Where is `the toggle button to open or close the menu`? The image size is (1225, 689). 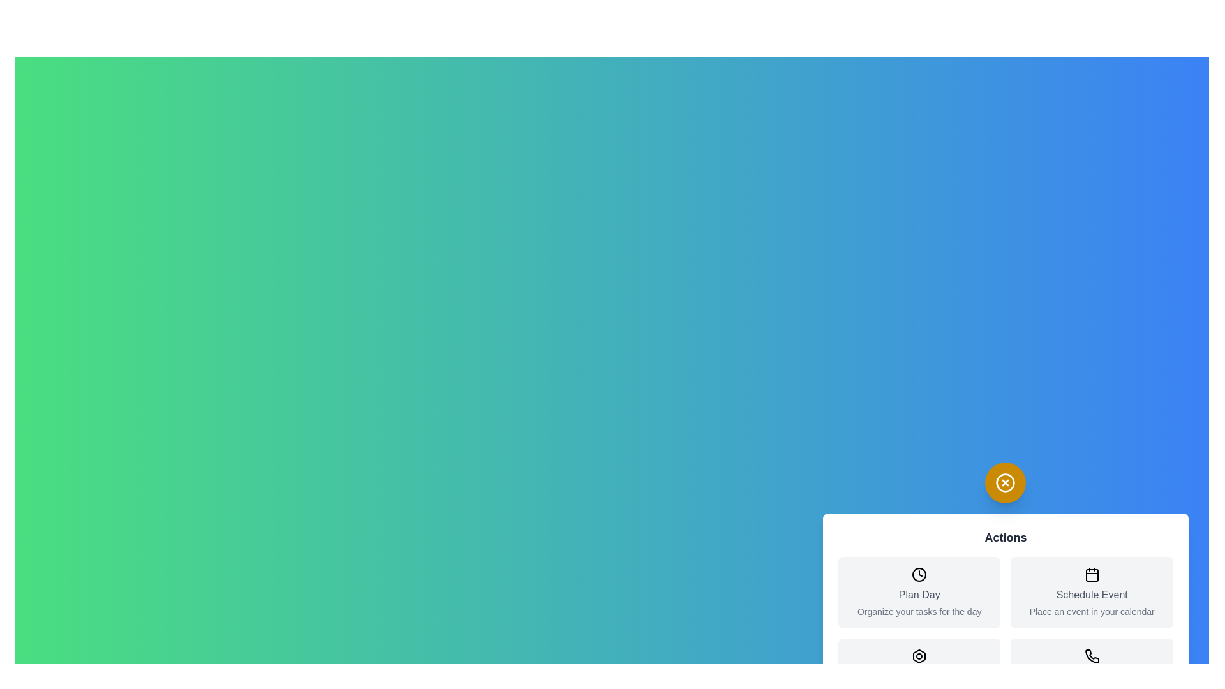
the toggle button to open or close the menu is located at coordinates (1005, 482).